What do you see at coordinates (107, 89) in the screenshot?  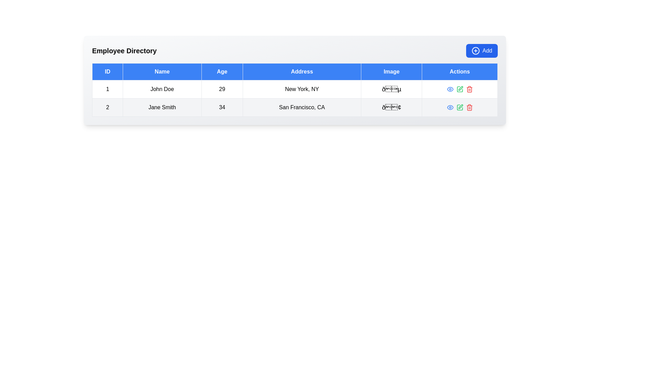 I see `the table cell in the first column of the first row that contains the identifier or serial number, which is located beneath the header labeled 'ID'` at bounding box center [107, 89].